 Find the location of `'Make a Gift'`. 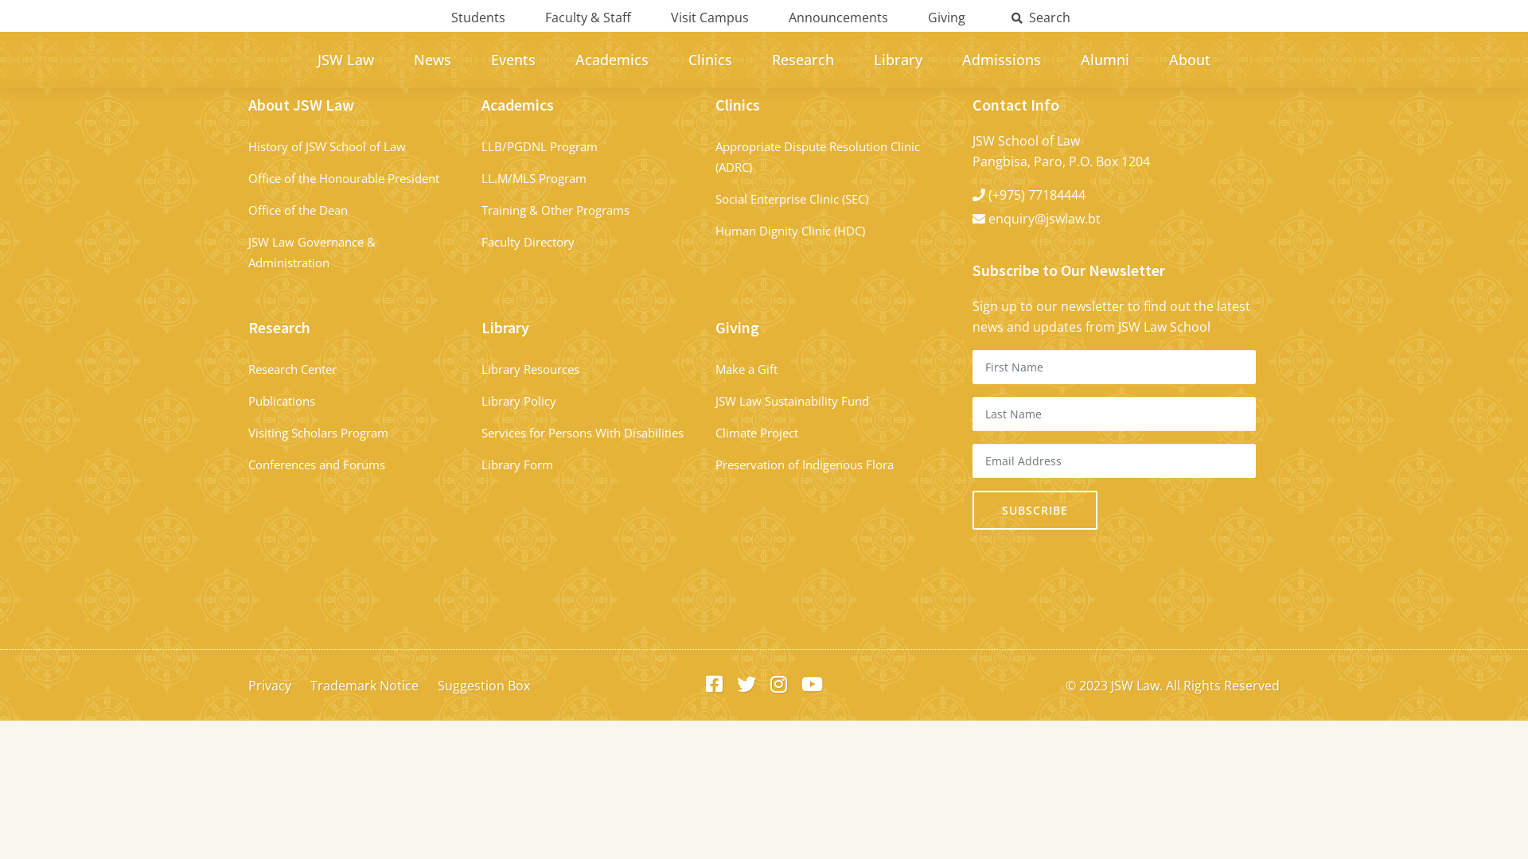

'Make a Gift' is located at coordinates (745, 368).